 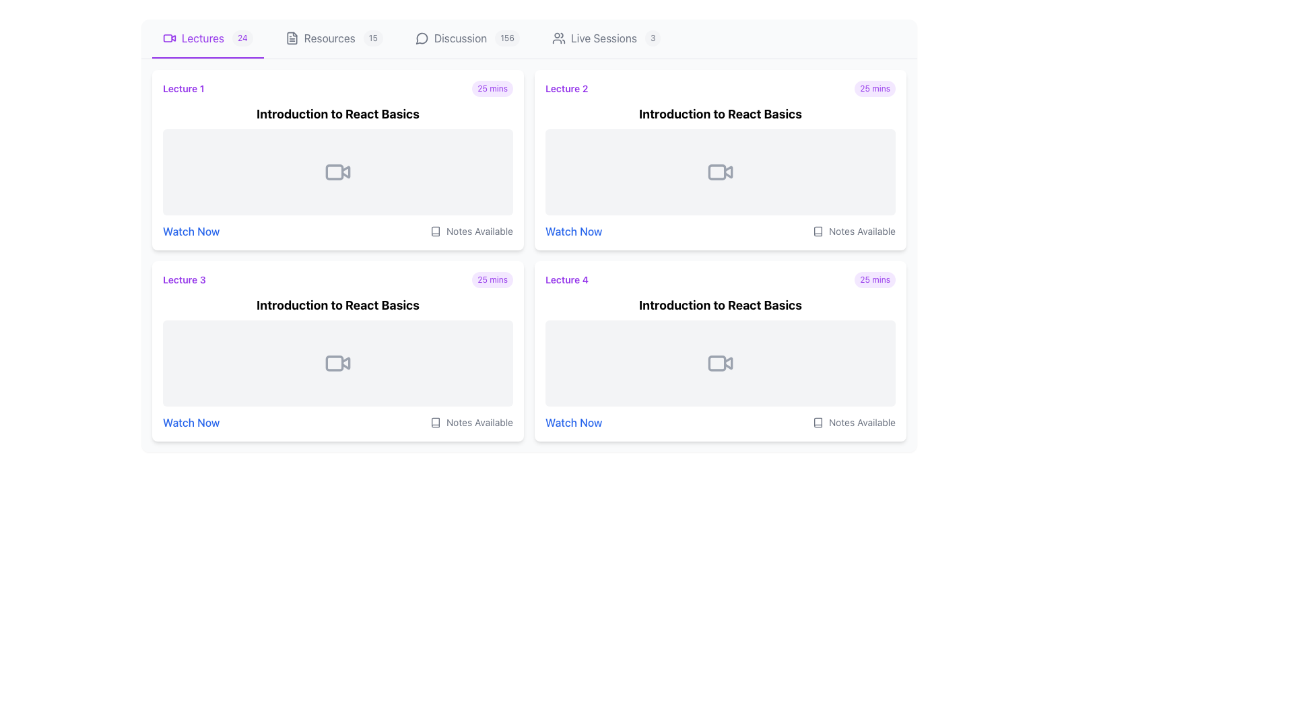 What do you see at coordinates (479, 230) in the screenshot?
I see `the static text label indicating that notes are available for Lecture 2, located in the bottom right area of the card` at bounding box center [479, 230].